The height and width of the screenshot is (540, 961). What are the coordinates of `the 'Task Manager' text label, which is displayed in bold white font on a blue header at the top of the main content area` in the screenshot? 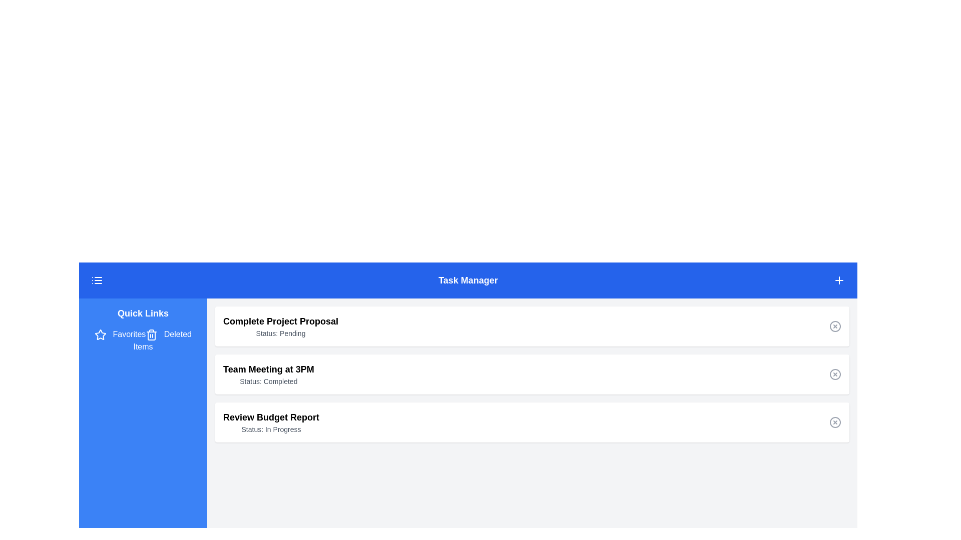 It's located at (467, 280).